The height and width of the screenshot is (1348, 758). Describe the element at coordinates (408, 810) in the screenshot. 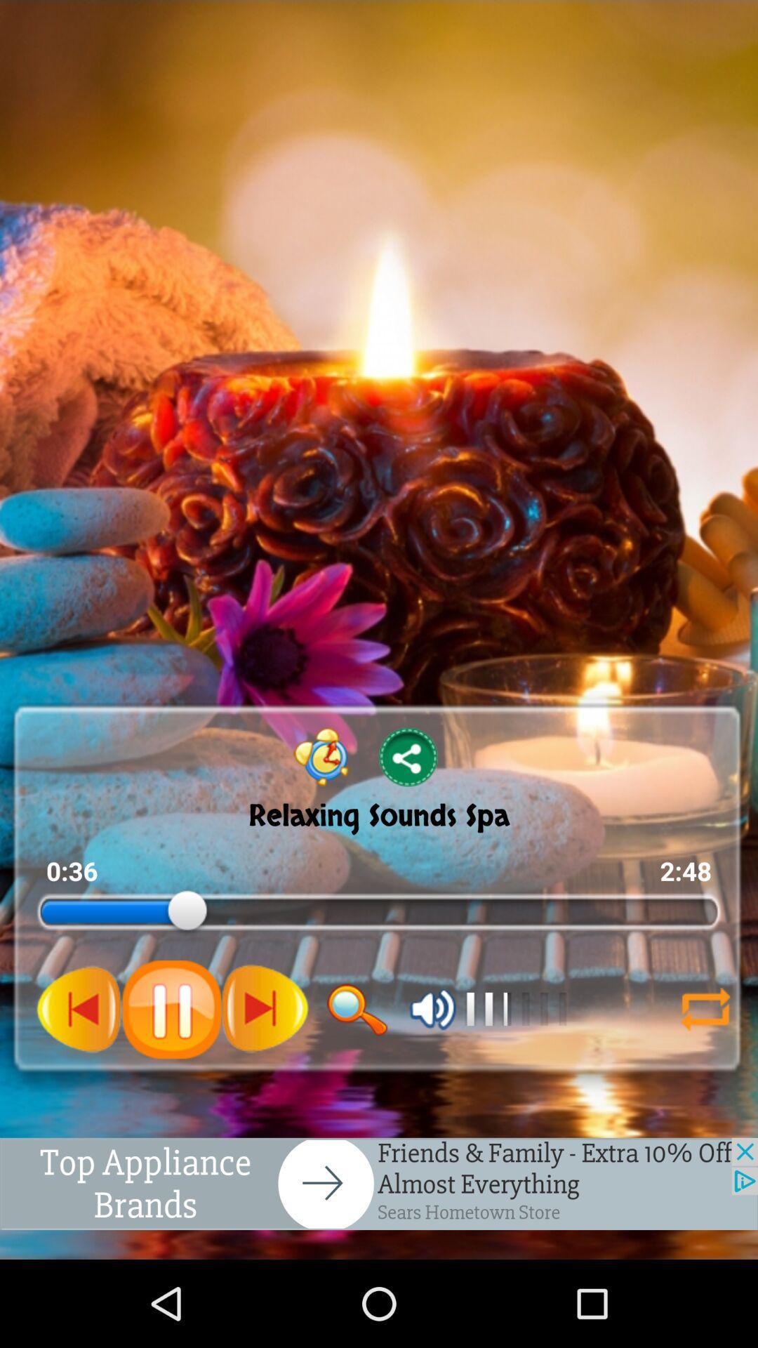

I see `the share icon` at that location.